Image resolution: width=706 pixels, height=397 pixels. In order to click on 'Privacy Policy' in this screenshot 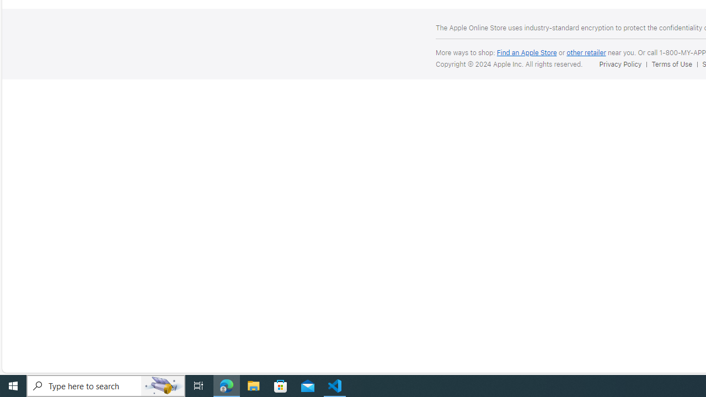, I will do `click(622, 64)`.